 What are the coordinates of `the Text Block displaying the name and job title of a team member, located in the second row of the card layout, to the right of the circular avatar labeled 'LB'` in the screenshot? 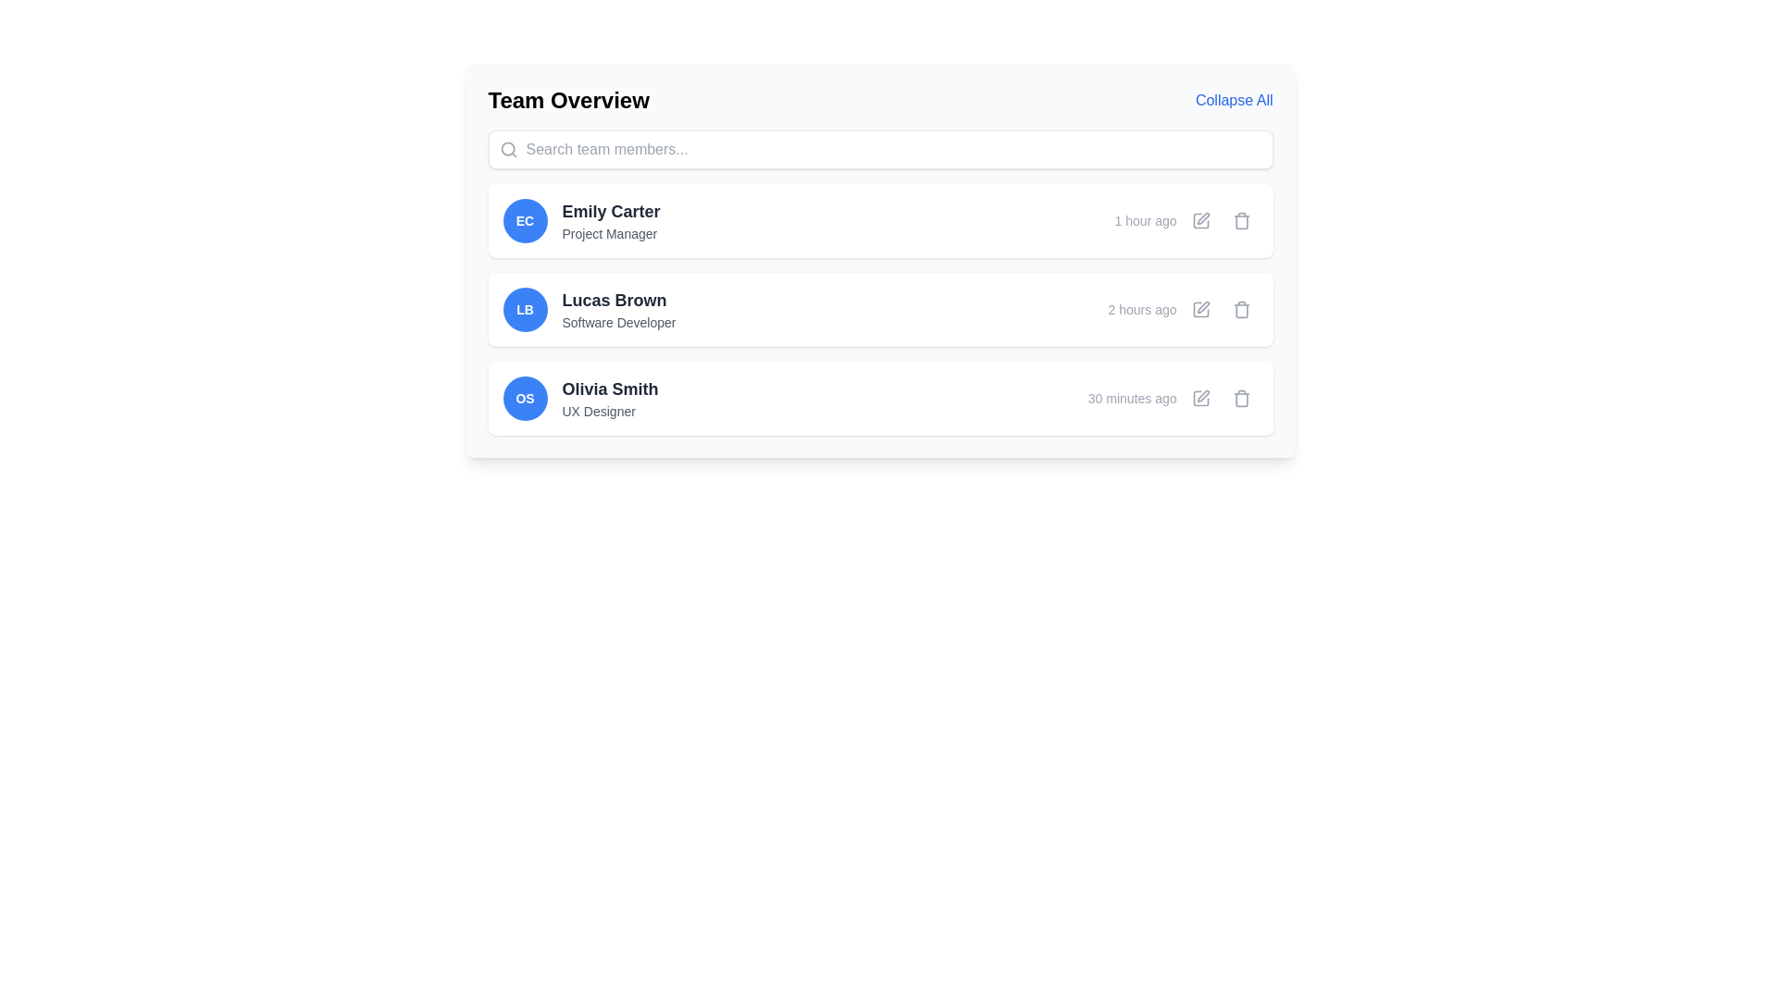 It's located at (618, 309).